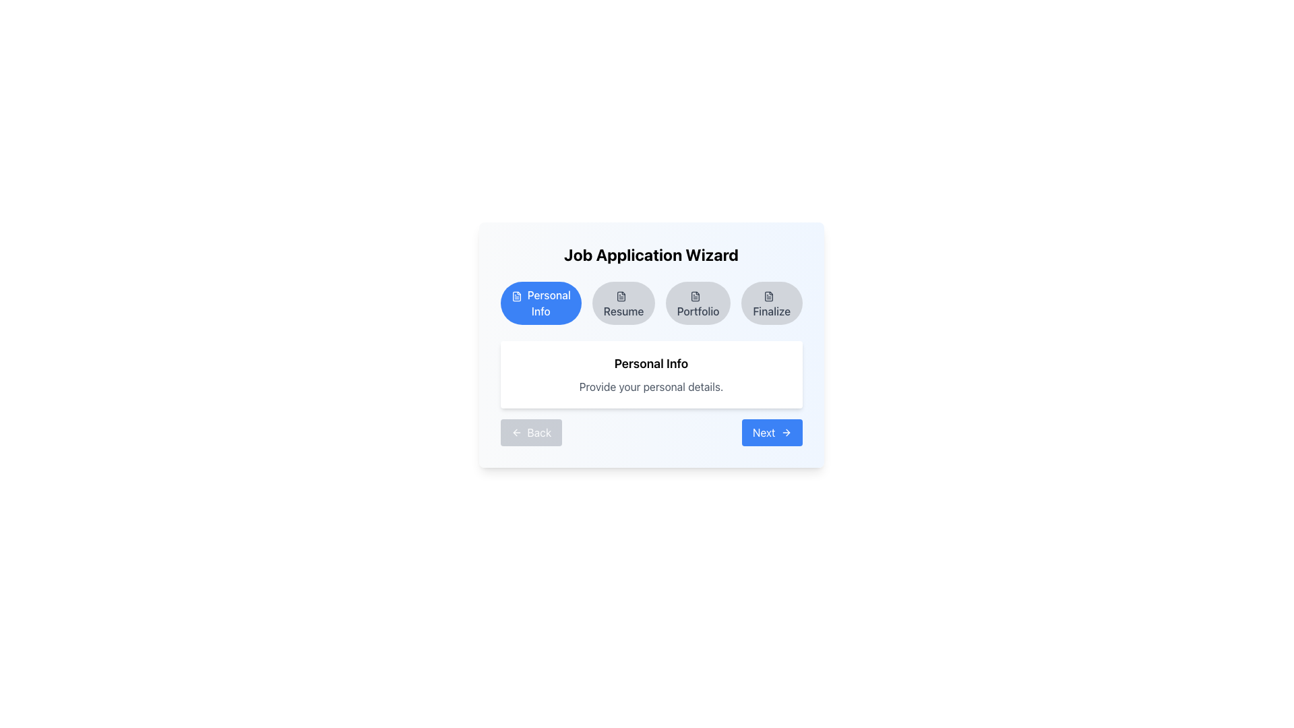 This screenshot has height=728, width=1294. Describe the element at coordinates (530, 432) in the screenshot. I see `the 'Back' button with a gray background and white text, located at the bottom-left of the 'Job Application Wizard' panel` at that location.